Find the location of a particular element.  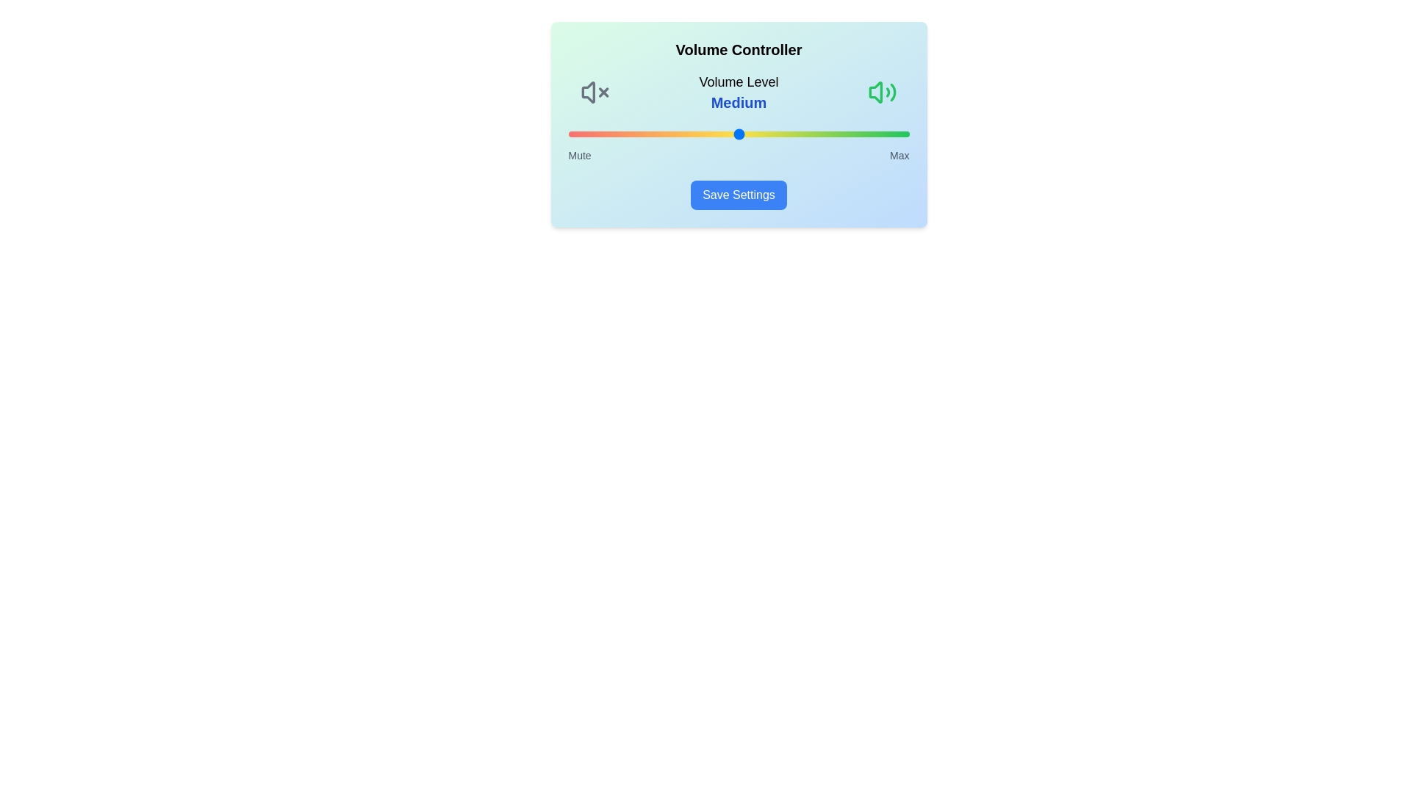

the volume slider to set the volume level to 1 is located at coordinates (571, 134).